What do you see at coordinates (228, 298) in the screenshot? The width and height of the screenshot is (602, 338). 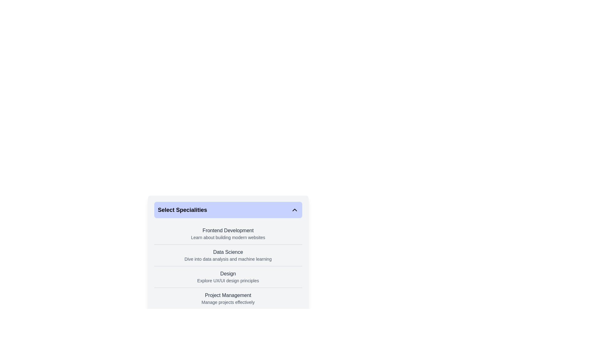 I see `the fourth item in the dropdown menu under 'Select Specialties' labeled 'Project Management'` at bounding box center [228, 298].